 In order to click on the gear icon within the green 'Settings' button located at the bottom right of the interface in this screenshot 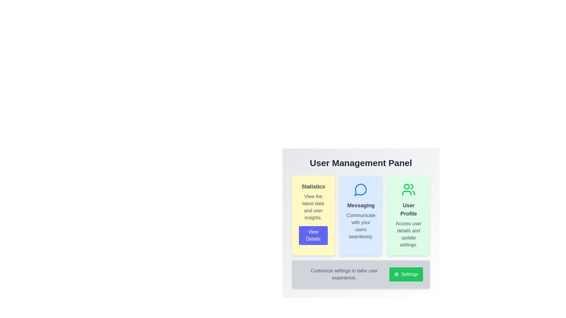, I will do `click(396, 274)`.